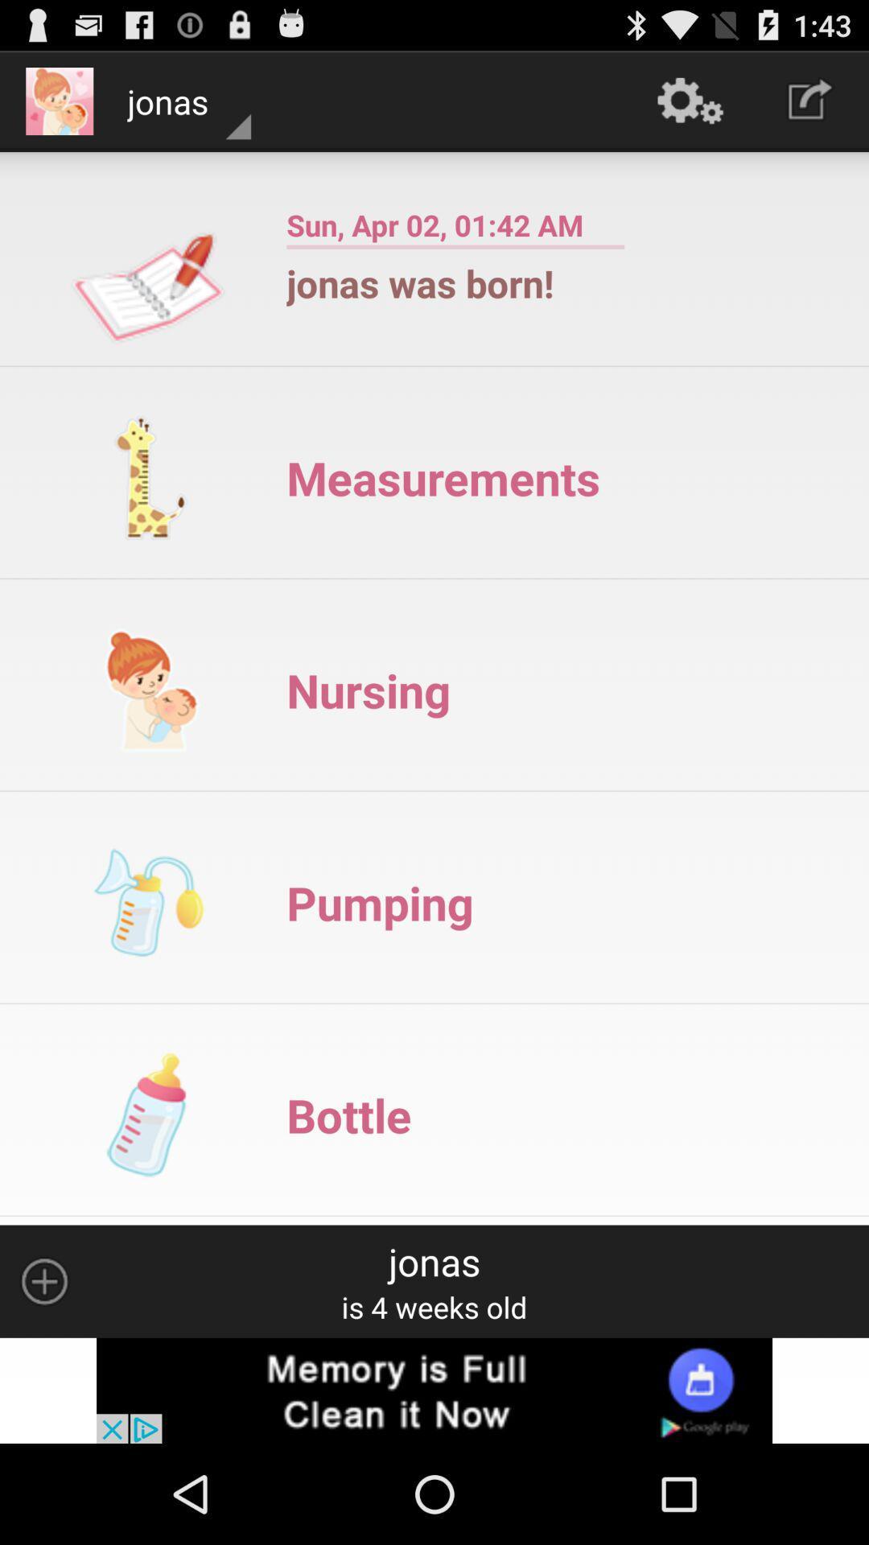  What do you see at coordinates (43, 1280) in the screenshot?
I see `increase` at bounding box center [43, 1280].